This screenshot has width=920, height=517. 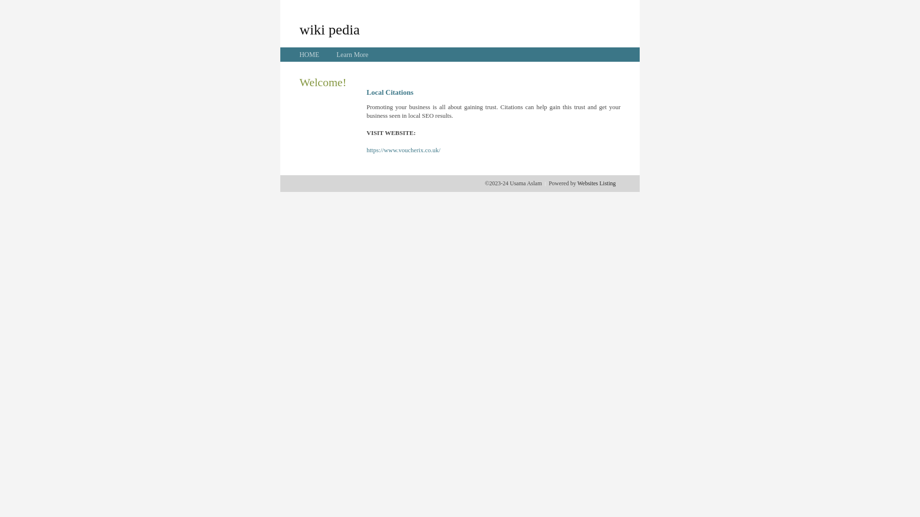 I want to click on 'Websites Listing', so click(x=576, y=183).